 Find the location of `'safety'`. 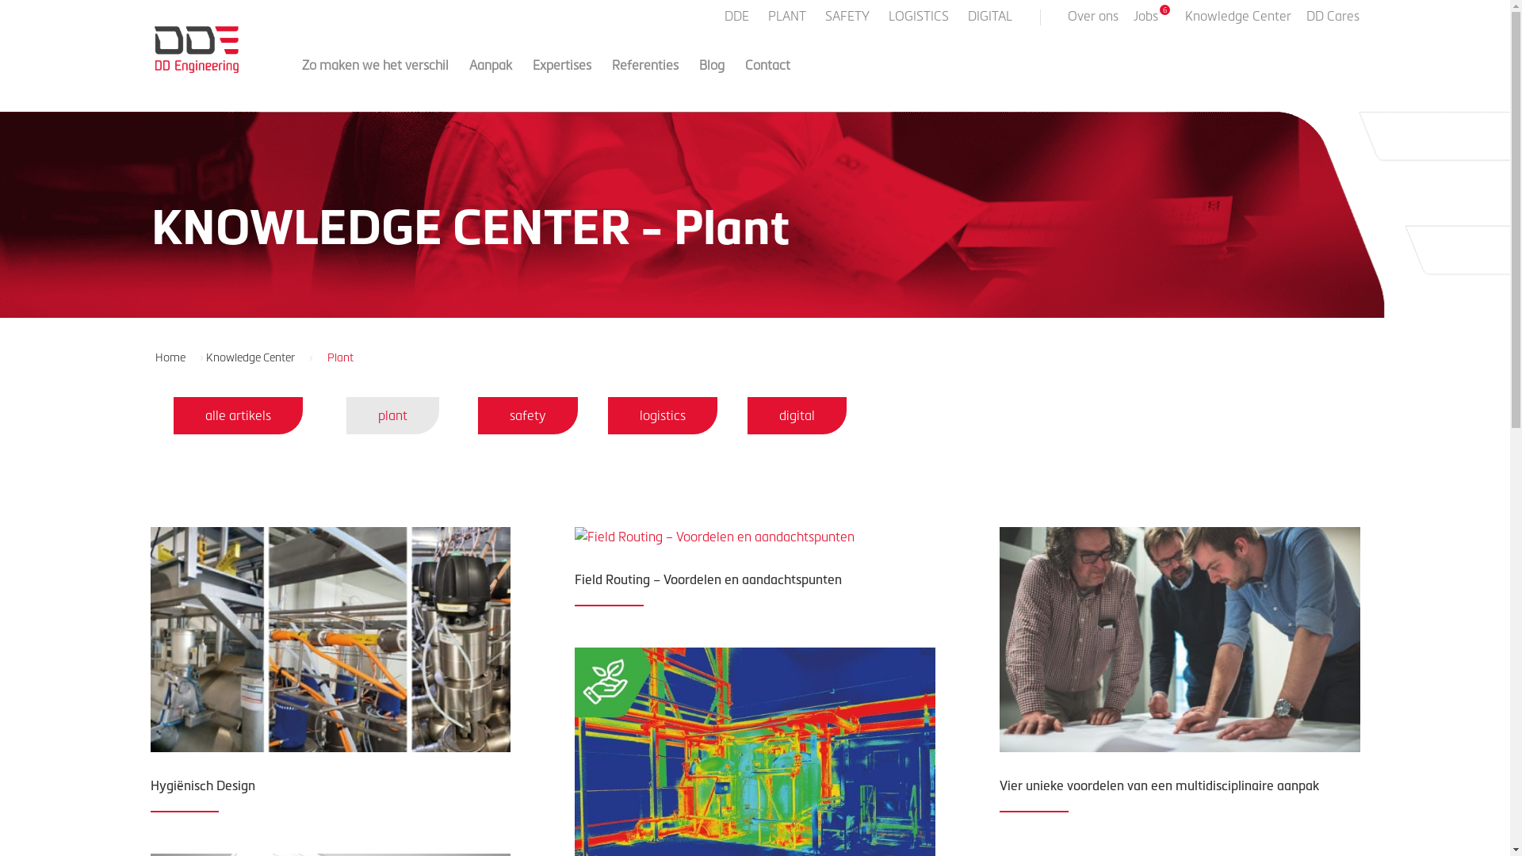

'safety' is located at coordinates (527, 415).